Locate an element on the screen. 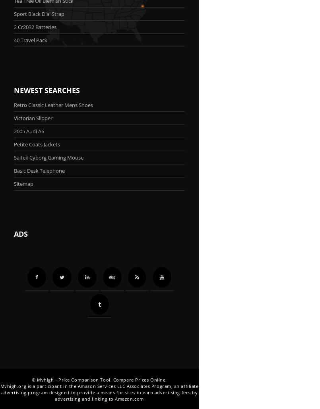  'Saitek Cyborg Gaming Mouse' is located at coordinates (48, 157).